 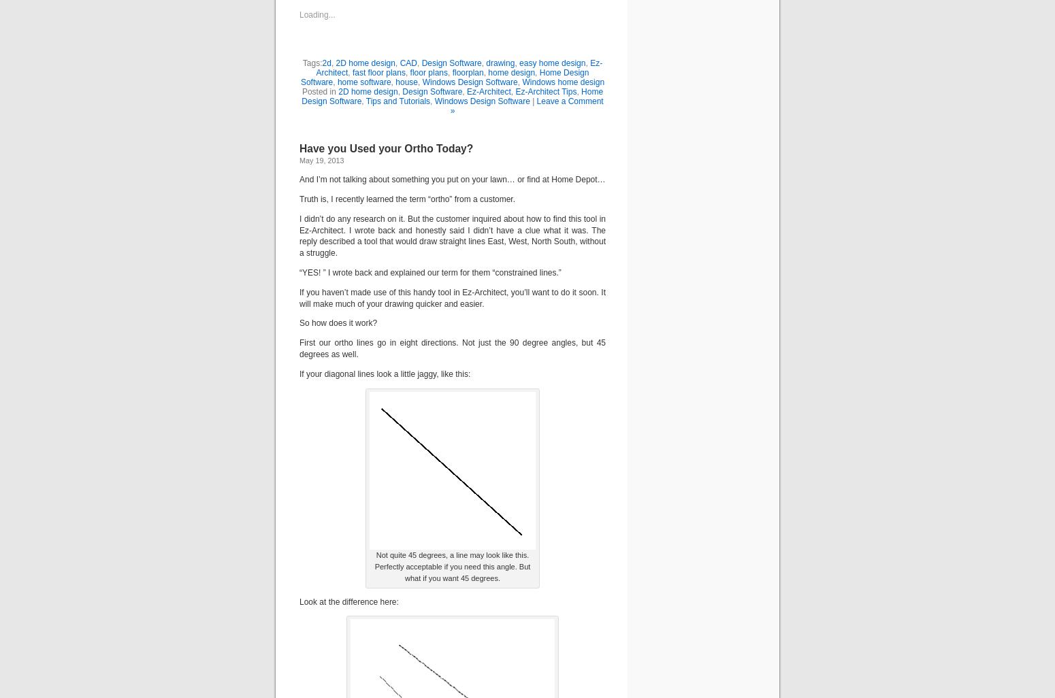 I want to click on 'So how does it work?', so click(x=299, y=322).